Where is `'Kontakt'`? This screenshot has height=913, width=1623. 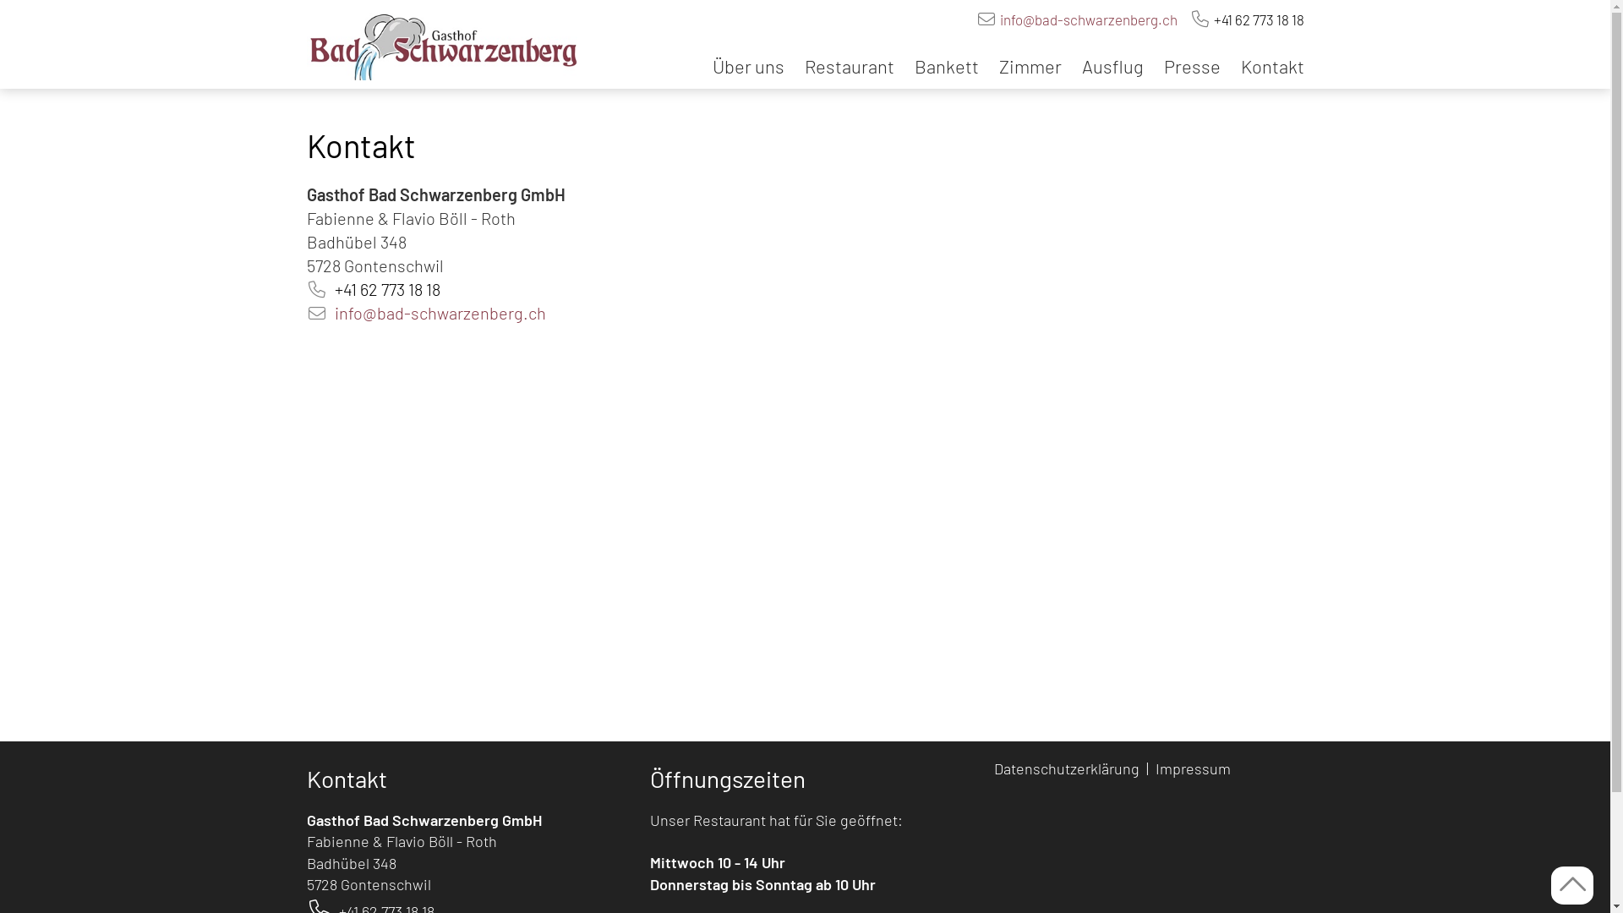
'Kontakt' is located at coordinates (1267, 65).